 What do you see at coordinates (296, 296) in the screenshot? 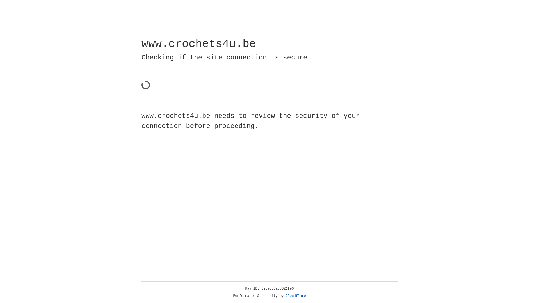
I see `'Cloudflare'` at bounding box center [296, 296].